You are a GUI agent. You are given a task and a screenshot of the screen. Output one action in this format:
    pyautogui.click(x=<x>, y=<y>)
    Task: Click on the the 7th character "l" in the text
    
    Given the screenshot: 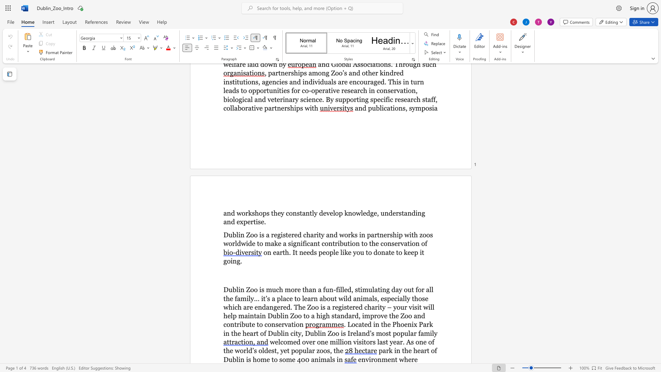 What is the action you would take?
    pyautogui.click(x=431, y=307)
    